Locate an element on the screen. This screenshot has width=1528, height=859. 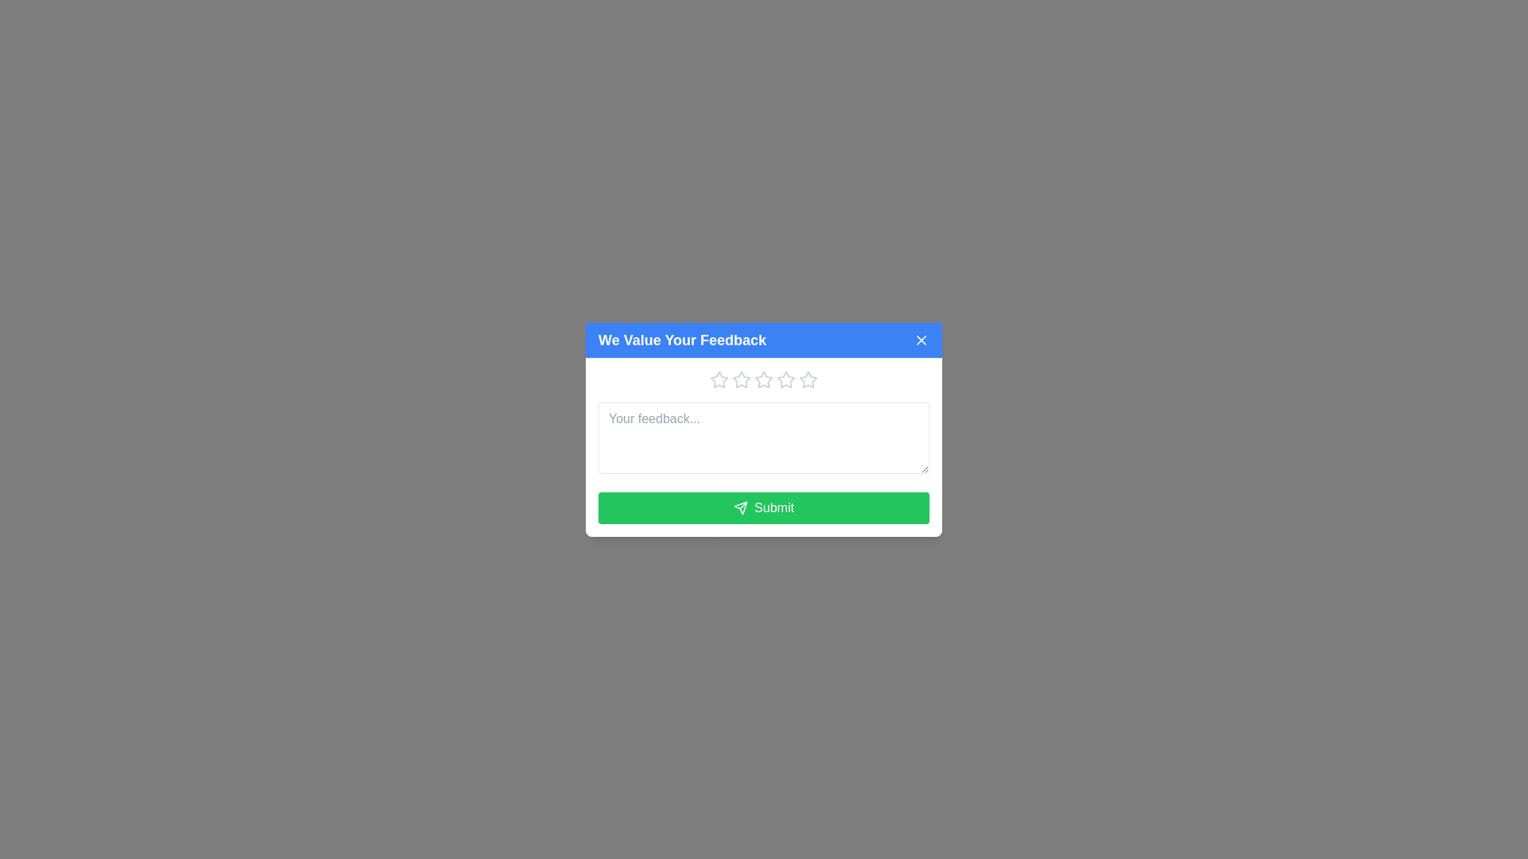
the header bar of the feedback form, which spans the entire width and is located at the top of the form is located at coordinates (764, 339).